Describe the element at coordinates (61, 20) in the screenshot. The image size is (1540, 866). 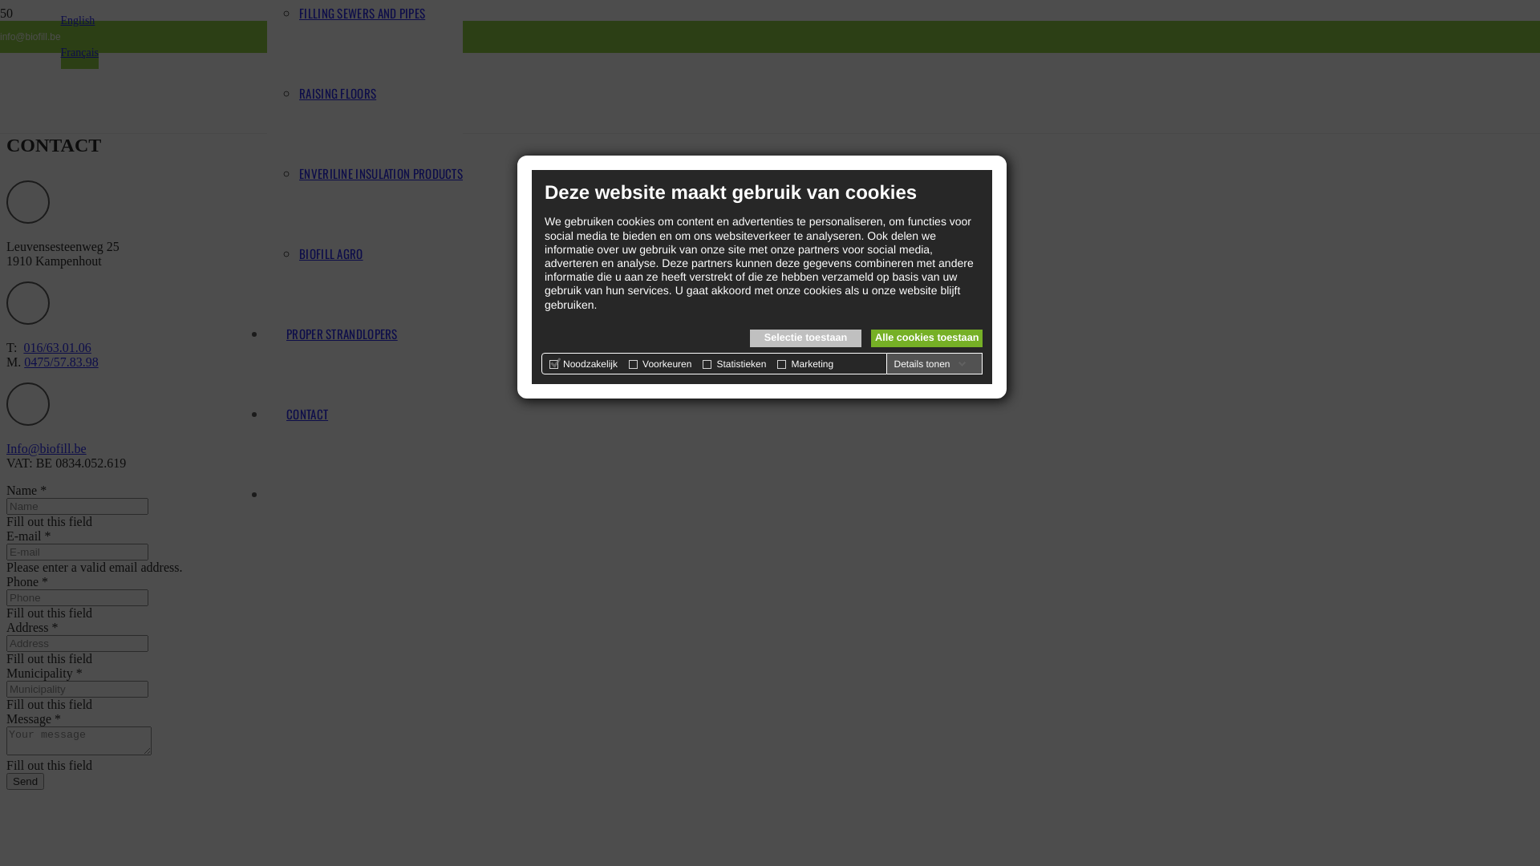
I see `'English'` at that location.